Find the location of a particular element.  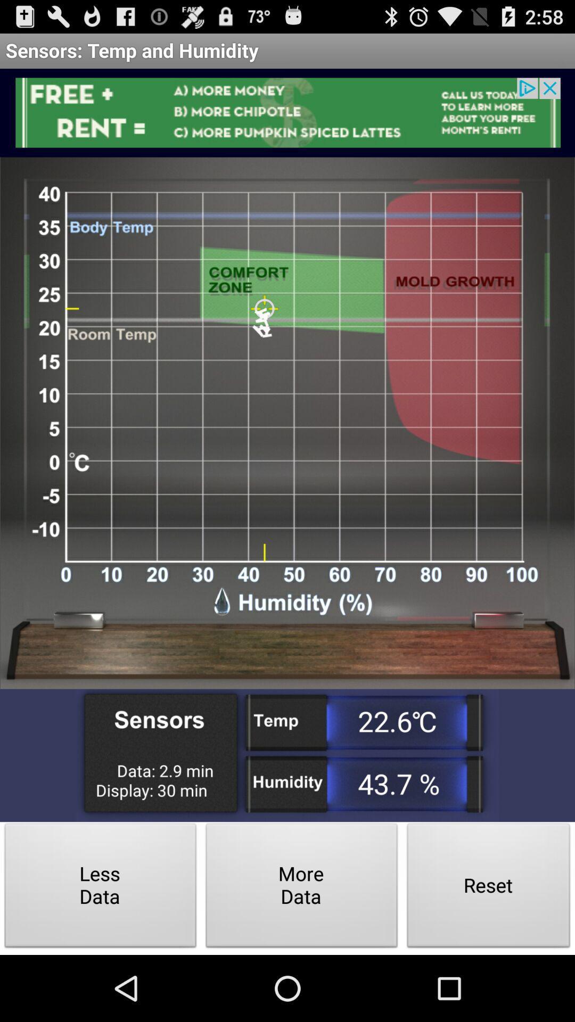

the reset button is located at coordinates (489, 888).